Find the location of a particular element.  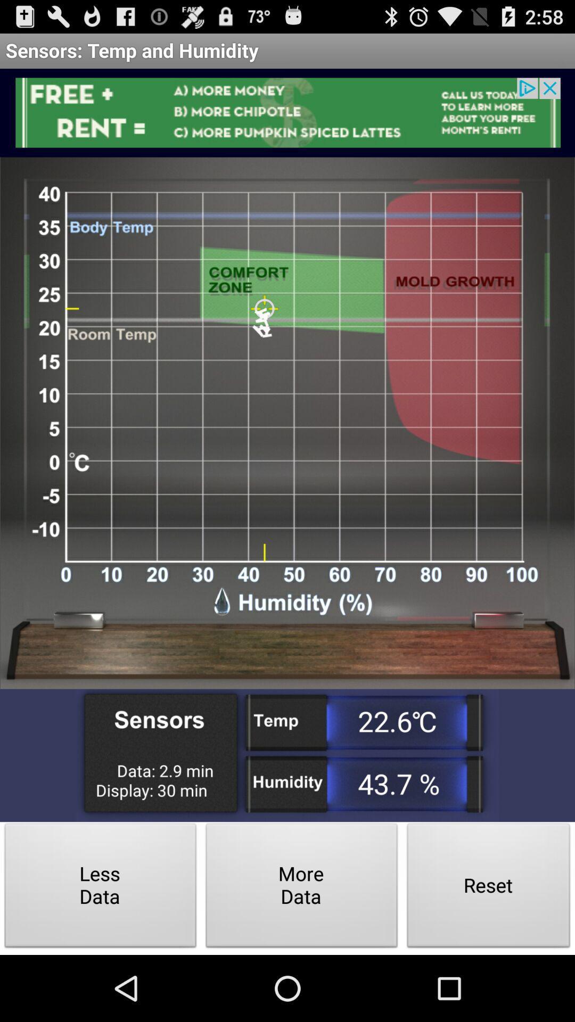

the reset button is located at coordinates (489, 888).